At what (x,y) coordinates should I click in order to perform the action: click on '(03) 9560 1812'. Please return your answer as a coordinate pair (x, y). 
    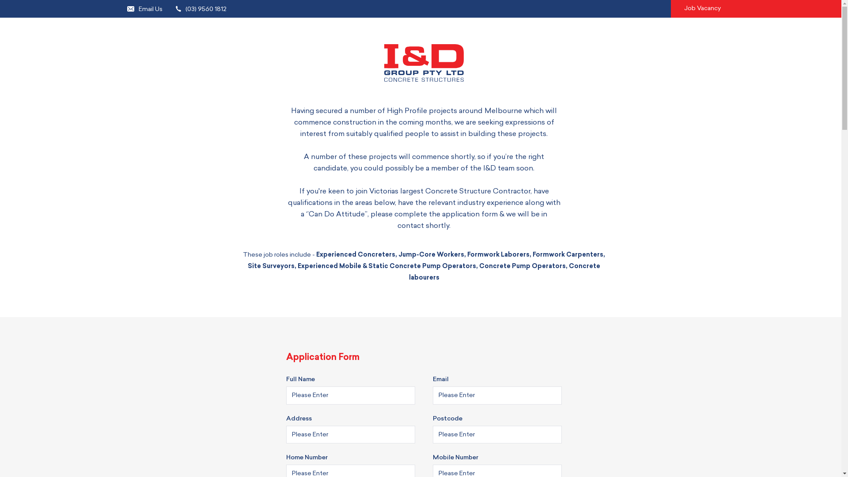
    Looking at the image, I should click on (176, 8).